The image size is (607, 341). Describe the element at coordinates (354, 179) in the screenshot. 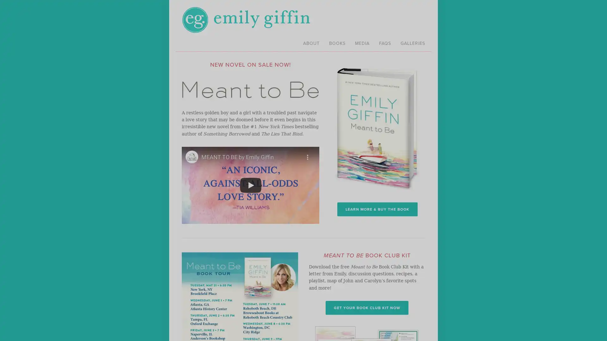

I see `Sign me up!` at that location.